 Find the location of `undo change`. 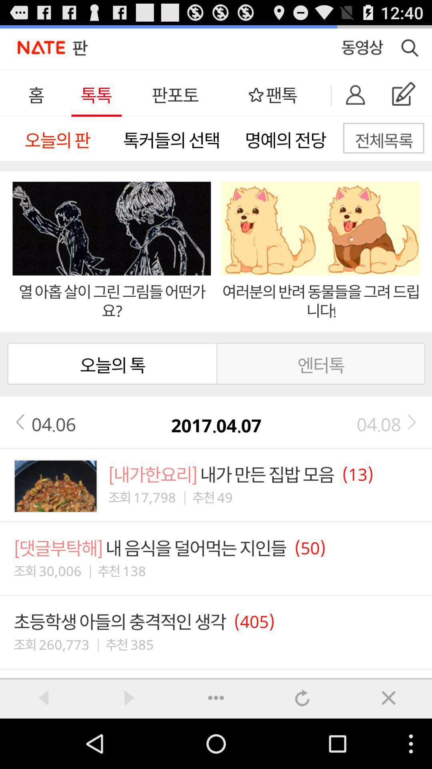

undo change is located at coordinates (302, 697).